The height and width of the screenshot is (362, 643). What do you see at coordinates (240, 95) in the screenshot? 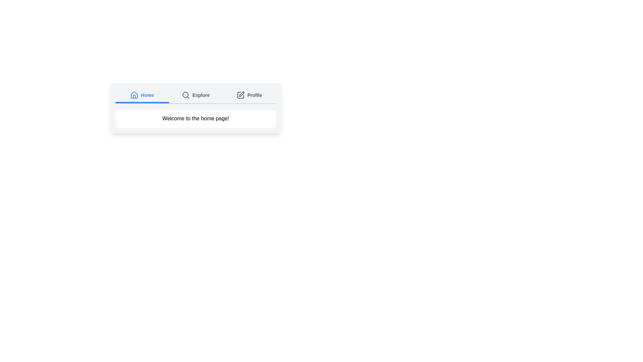
I see `the tab icon corresponding to Profile` at bounding box center [240, 95].